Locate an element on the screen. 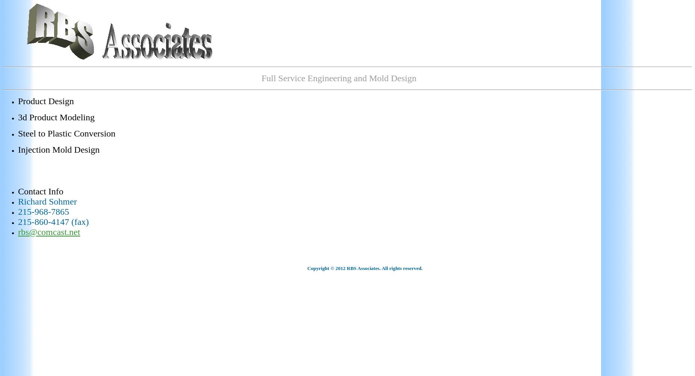 This screenshot has width=695, height=376. 'Contact Info' is located at coordinates (40, 191).